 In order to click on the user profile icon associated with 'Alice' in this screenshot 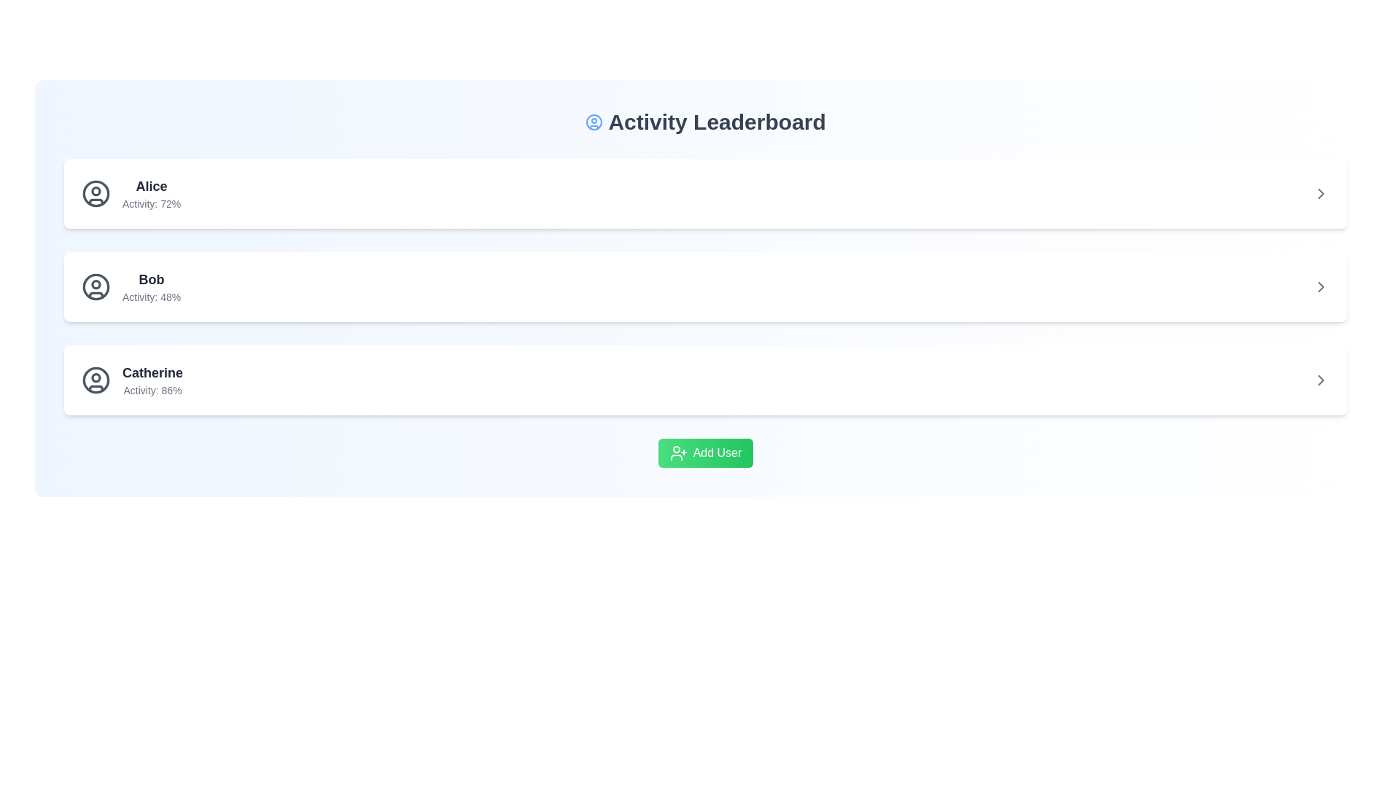, I will do `click(96, 193)`.